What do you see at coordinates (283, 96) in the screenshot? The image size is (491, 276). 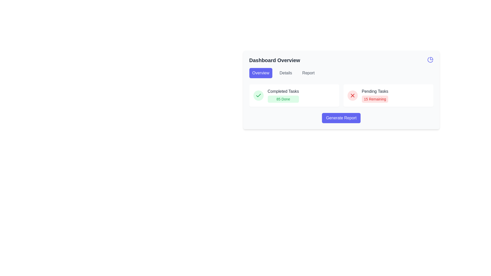 I see `data represented in the text block displaying '85 Done' under the 'Completed Tasks' label, located within the 'Completed Tasks' card on the left side of the dashboard's summary section` at bounding box center [283, 96].